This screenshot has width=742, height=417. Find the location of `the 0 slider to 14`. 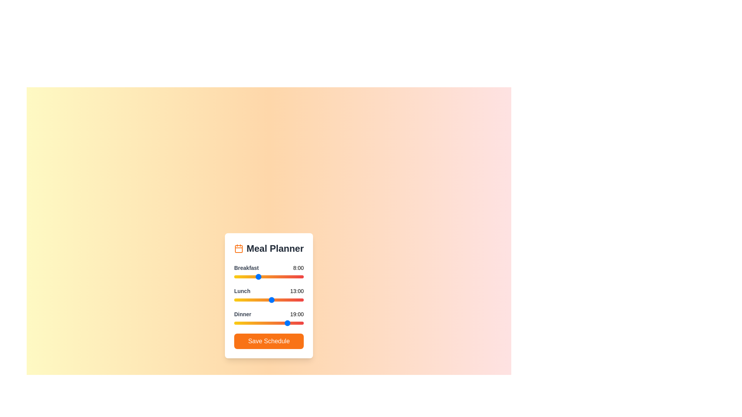

the 0 slider to 14 is located at coordinates (274, 276).